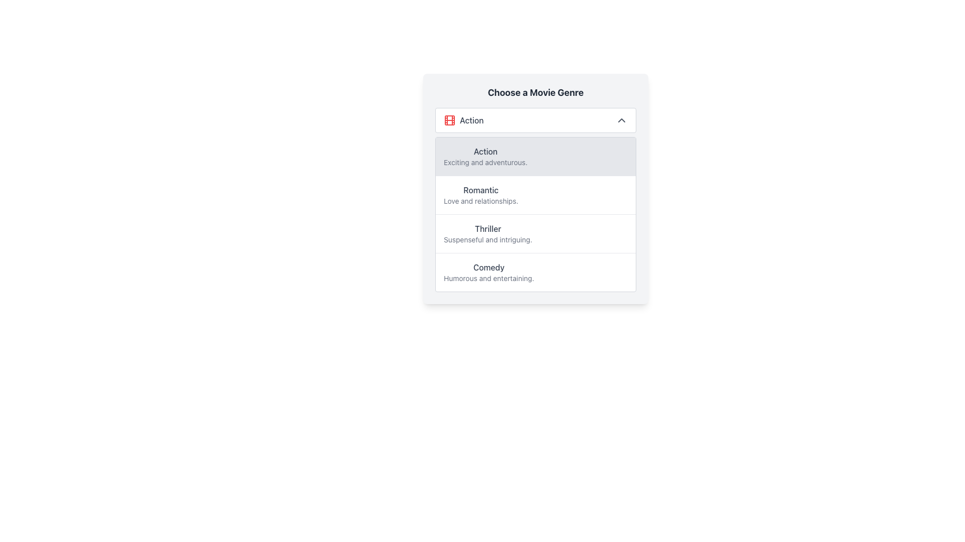 The image size is (965, 542). I want to click on the selectable option labeled 'Action' in the list of movie genres, so click(535, 157).